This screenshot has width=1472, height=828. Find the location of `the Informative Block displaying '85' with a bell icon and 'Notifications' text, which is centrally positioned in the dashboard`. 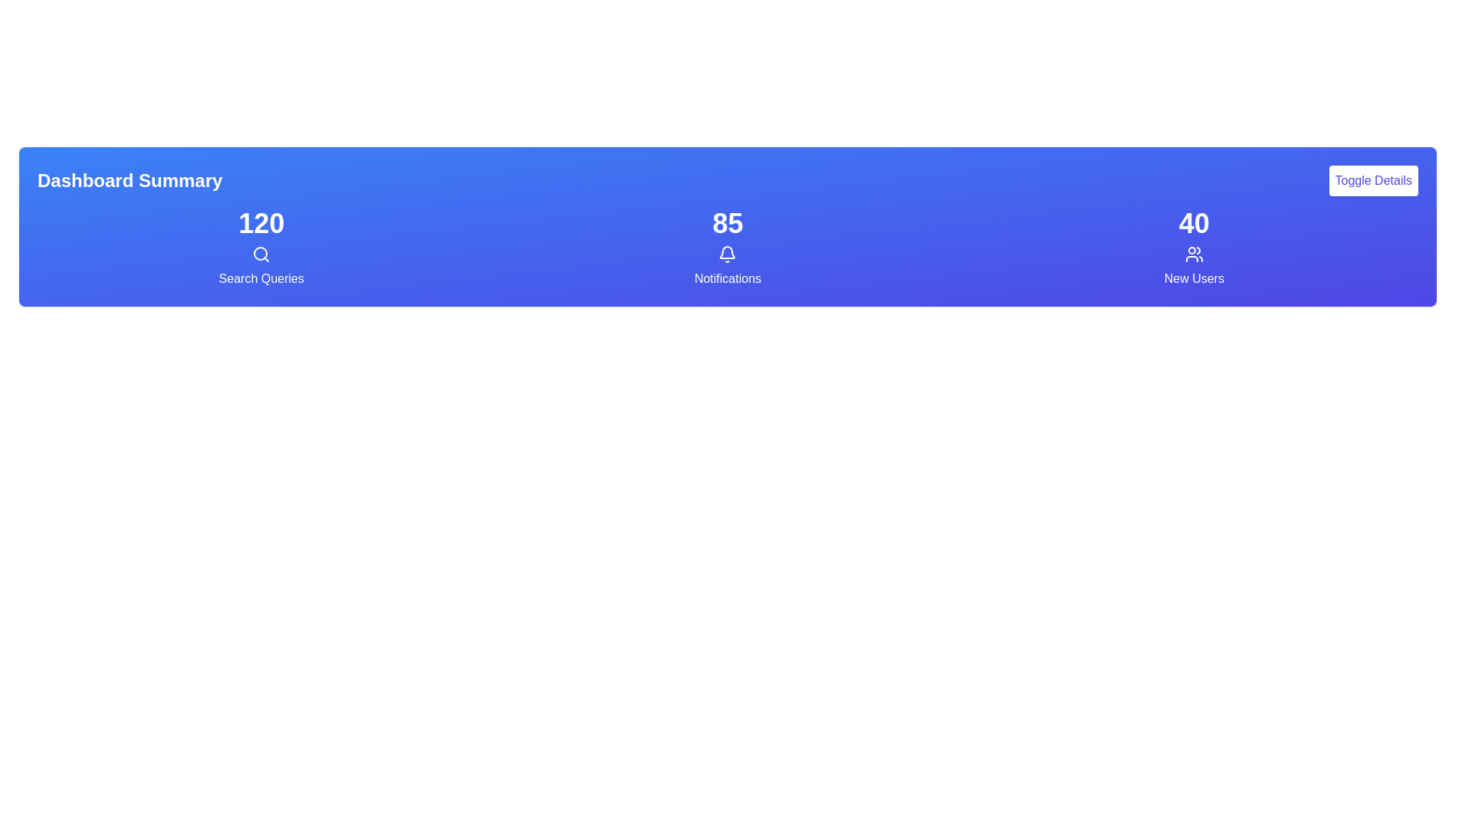

the Informative Block displaying '85' with a bell icon and 'Notifications' text, which is centrally positioned in the dashboard is located at coordinates (727, 248).